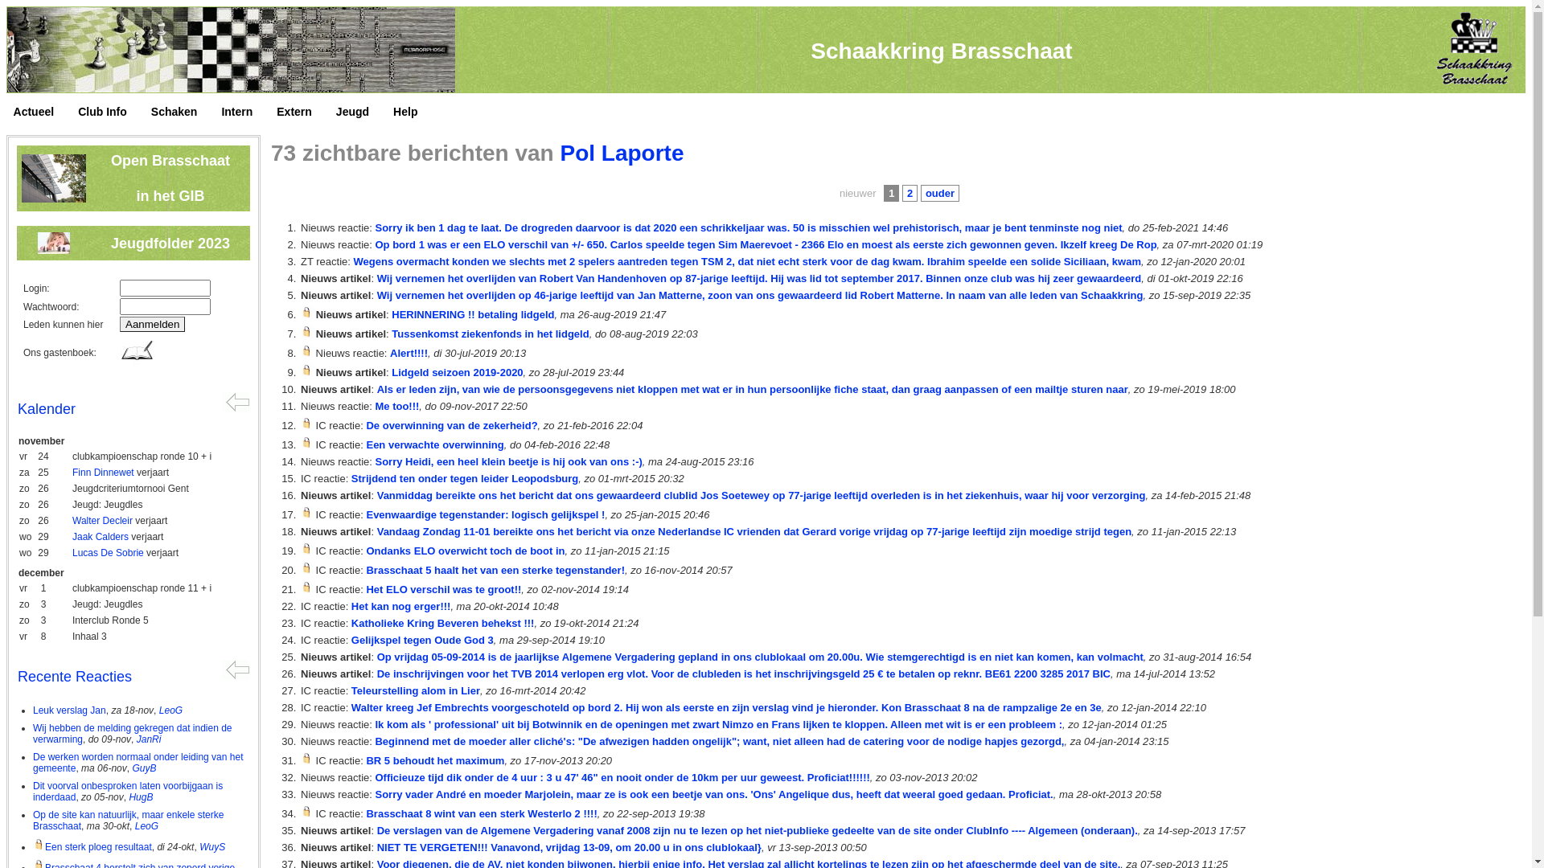  Describe the element at coordinates (149, 739) in the screenshot. I see `'JanRi'` at that location.